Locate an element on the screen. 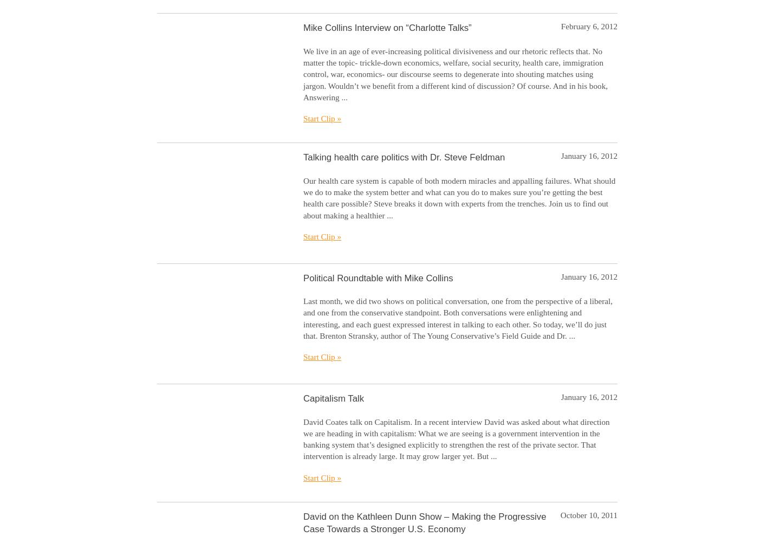 This screenshot has width=780, height=536. 'David Coates talk on Capitalism. In a recent interview David was asked about what direction we are heading in with capitalism: What we are seeing is a government intervention in the banking system that’s designed explicitly to strengthen the rest of the private sector. That intervention is already large. It may grow larger yet. But ...' is located at coordinates (456, 438).